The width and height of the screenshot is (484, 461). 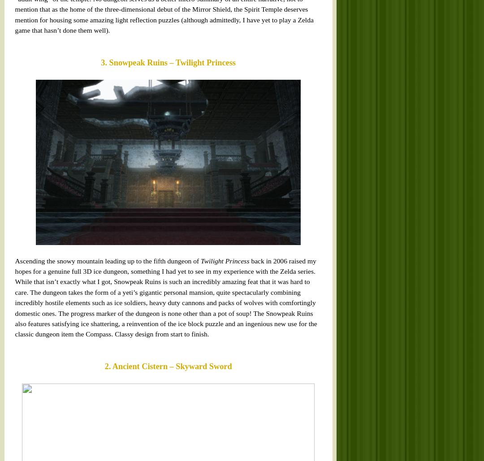 I want to click on 'Sky Keep – Skyward Sword', so click(x=50, y=265).